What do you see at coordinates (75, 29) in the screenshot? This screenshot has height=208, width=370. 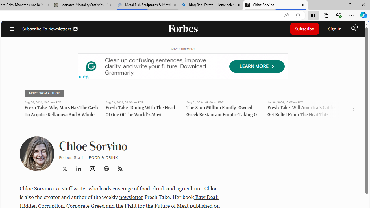 I see `'Class: envelope_svg__fs-icon envelope_svg__fs-icon--envelope'` at bounding box center [75, 29].